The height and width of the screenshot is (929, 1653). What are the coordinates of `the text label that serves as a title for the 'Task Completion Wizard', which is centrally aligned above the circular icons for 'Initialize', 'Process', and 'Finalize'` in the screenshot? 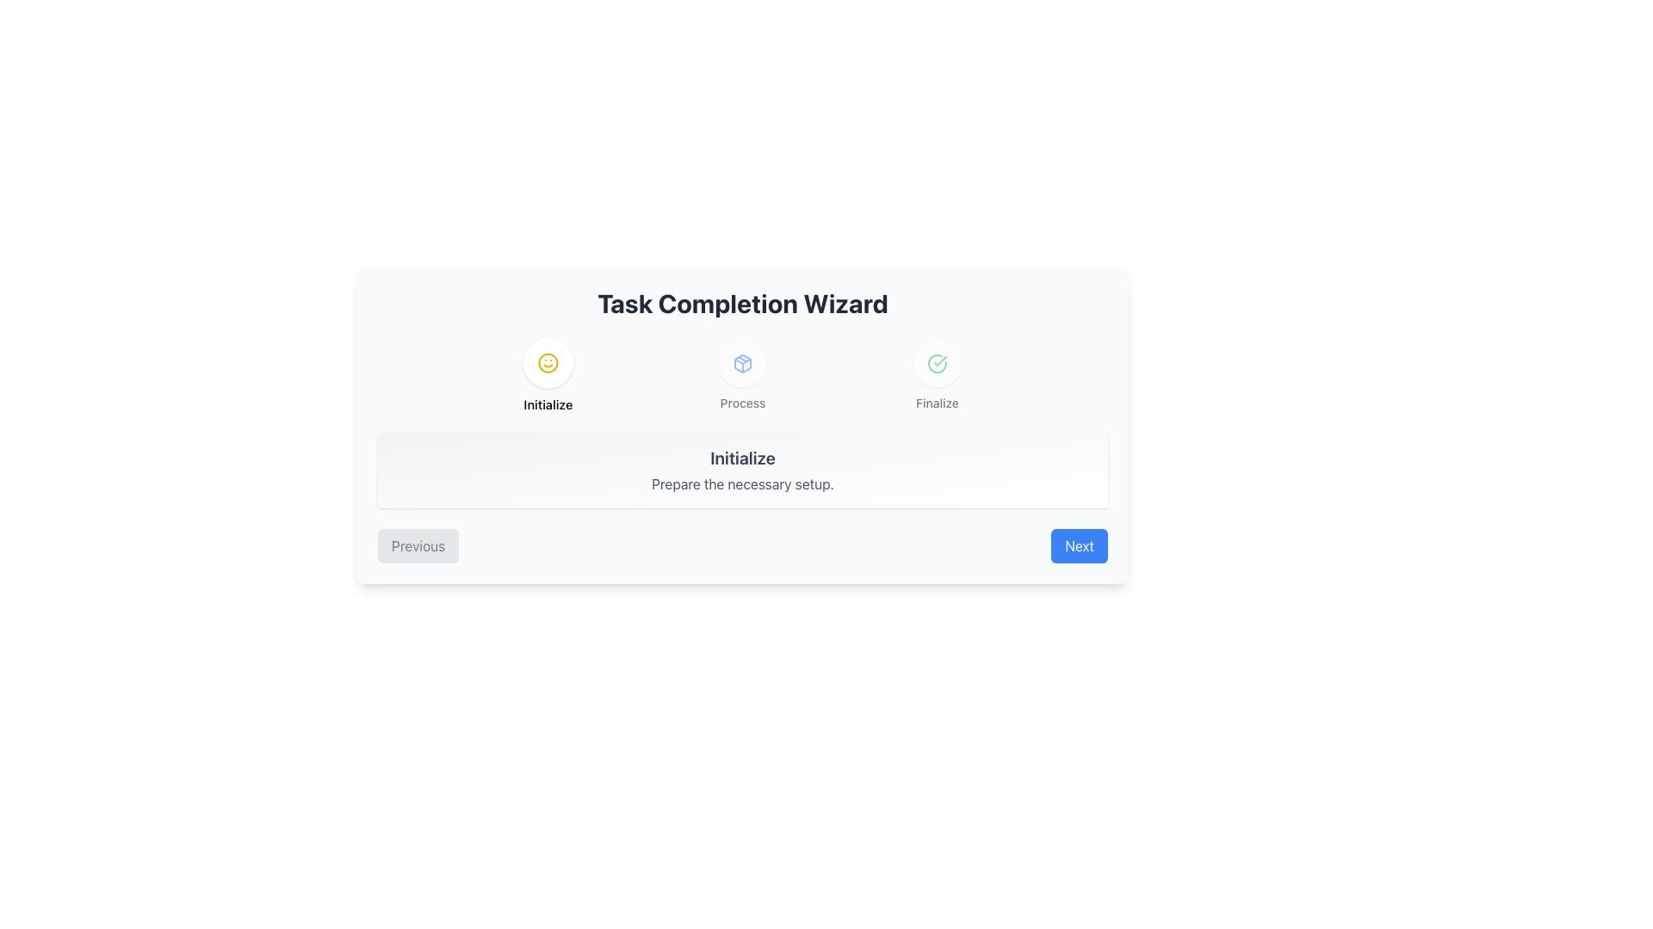 It's located at (743, 303).